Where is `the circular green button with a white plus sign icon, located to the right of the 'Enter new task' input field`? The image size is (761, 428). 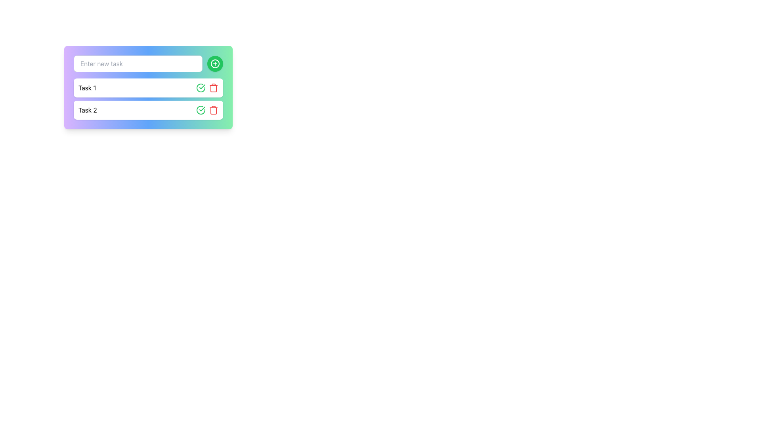 the circular green button with a white plus sign icon, located to the right of the 'Enter new task' input field is located at coordinates (215, 63).